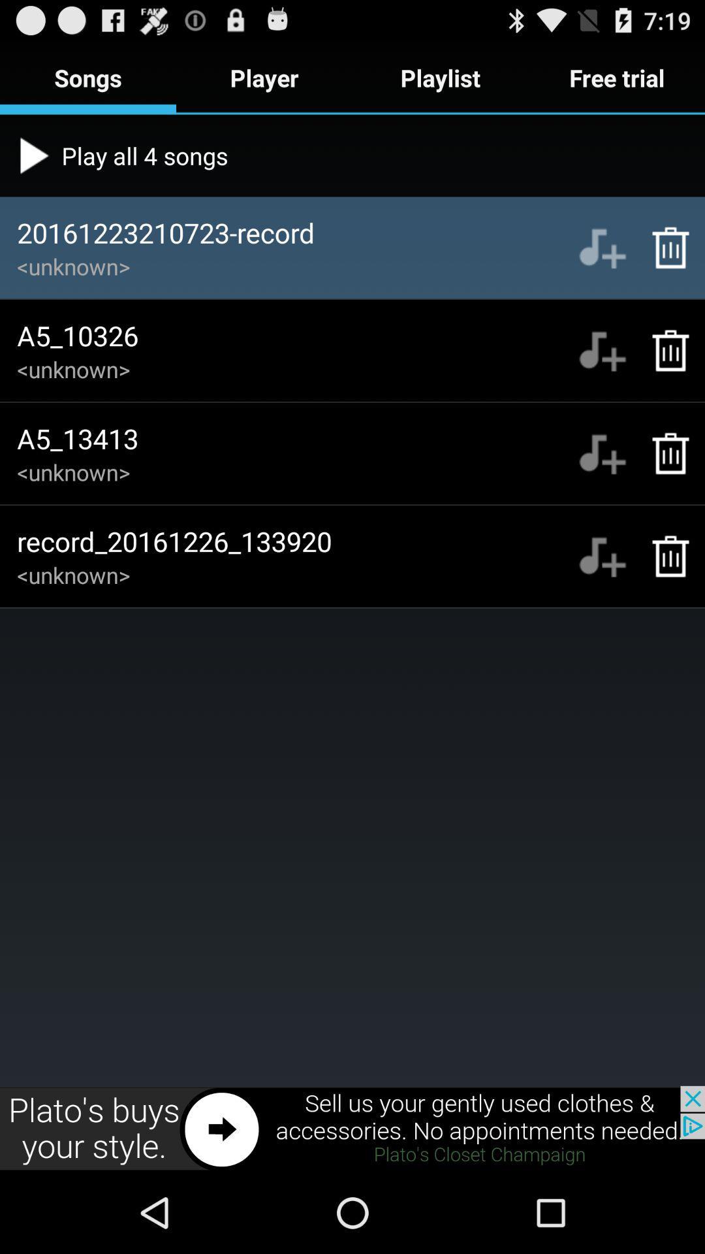 The image size is (705, 1254). I want to click on delete, so click(664, 351).